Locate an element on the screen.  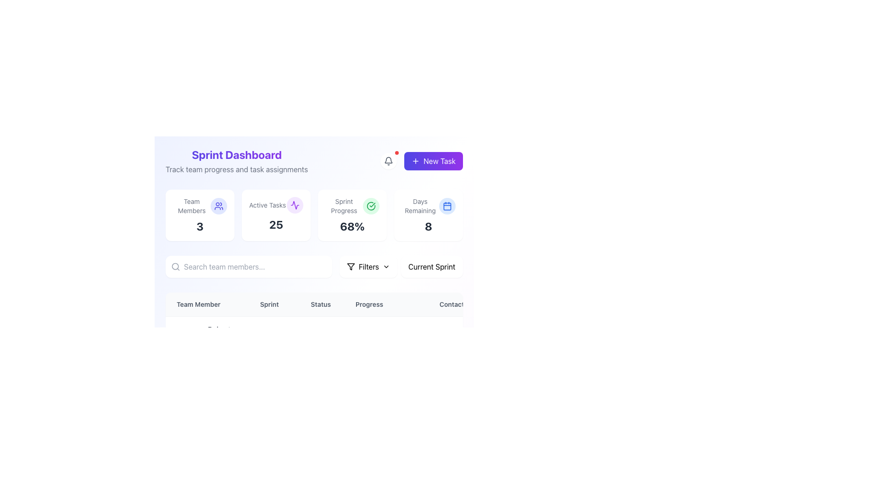
the search bar located just below the dashboard metrics section is located at coordinates (249, 267).